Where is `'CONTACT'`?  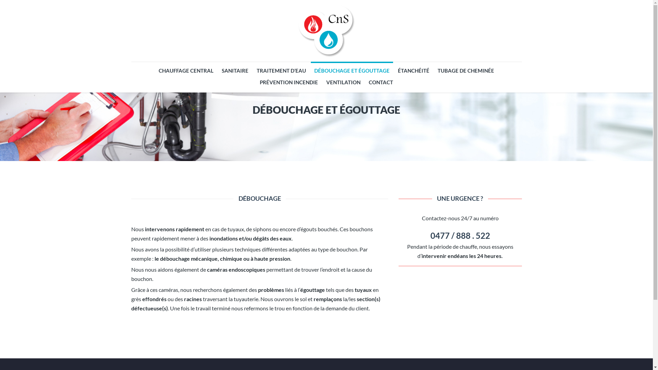 'CONTACT' is located at coordinates (380, 82).